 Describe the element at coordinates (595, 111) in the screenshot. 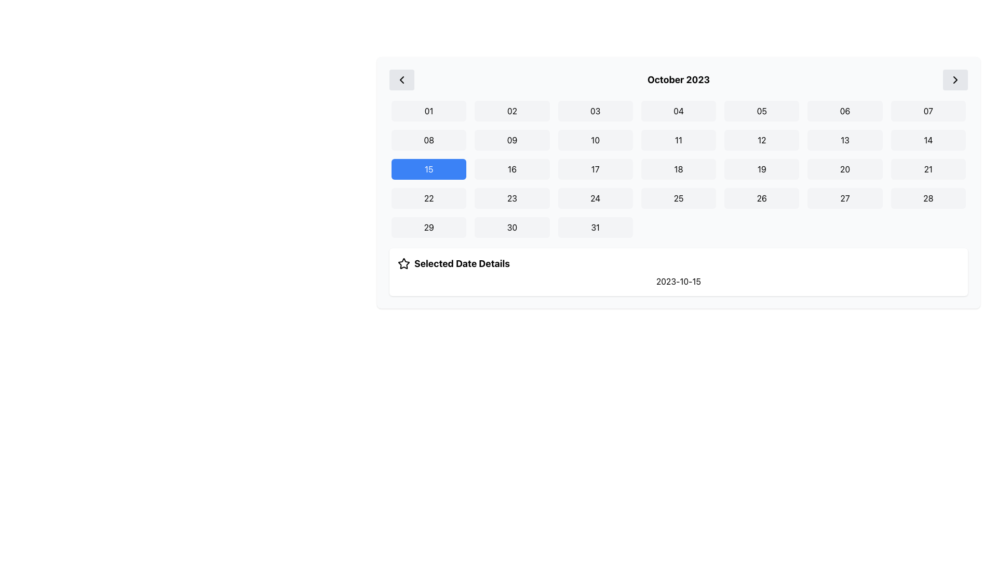

I see `the button labeled '03' in the date picker widget` at that location.